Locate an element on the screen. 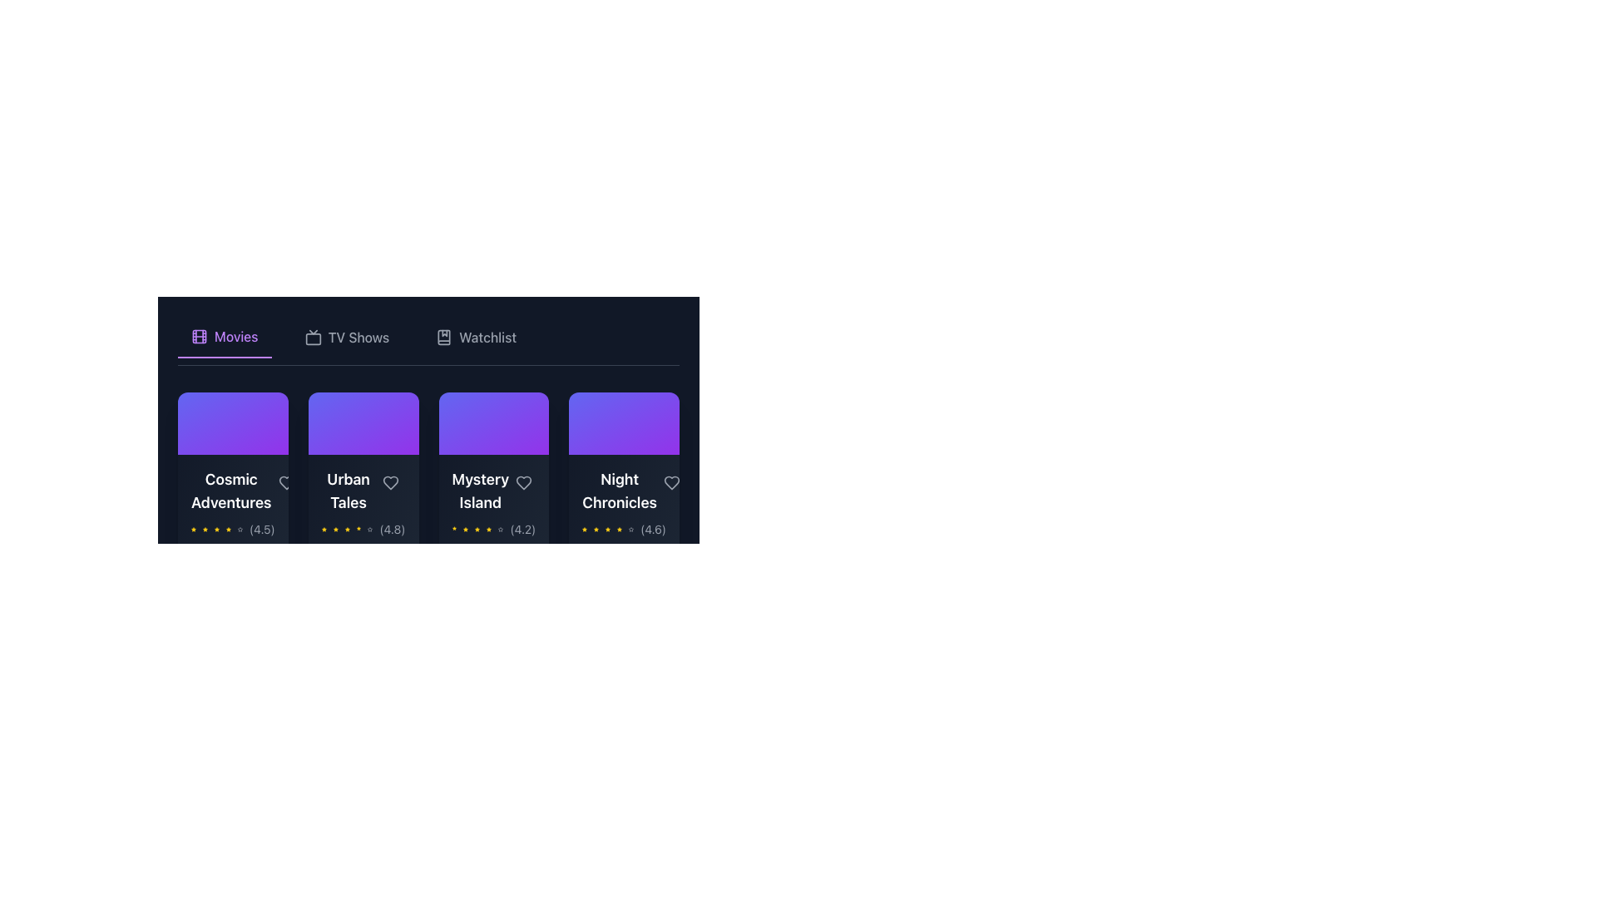 The width and height of the screenshot is (1597, 898). the 'Urban Tales' title text element is located at coordinates (363, 490).